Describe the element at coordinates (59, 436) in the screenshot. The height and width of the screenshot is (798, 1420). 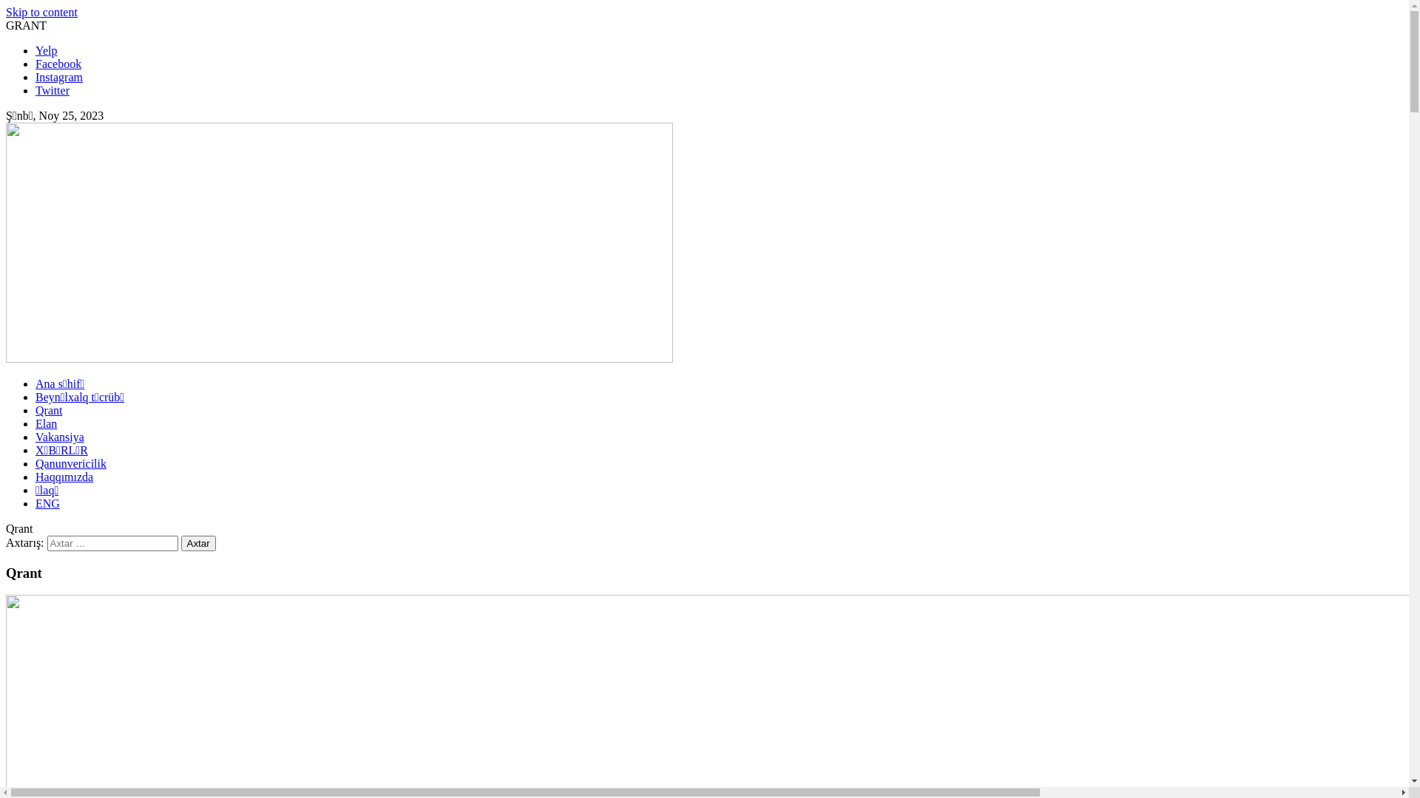
I see `'Vakansiya'` at that location.